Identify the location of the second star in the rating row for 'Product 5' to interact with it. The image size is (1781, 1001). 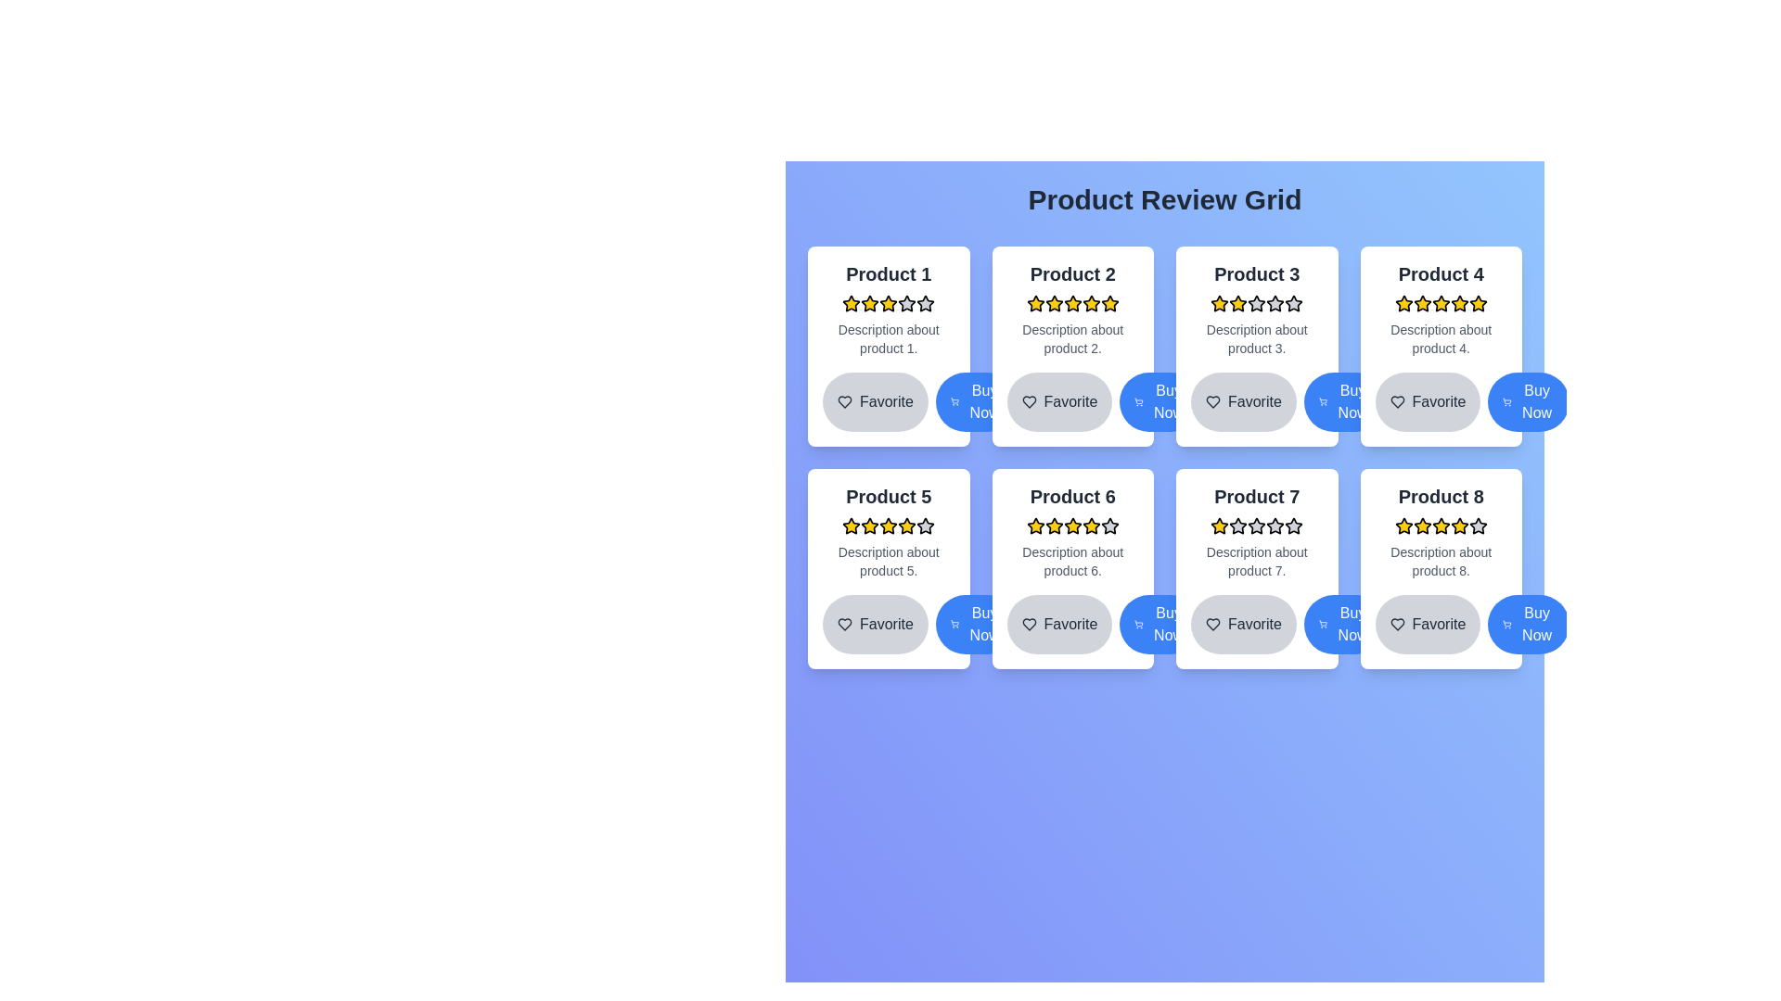
(869, 526).